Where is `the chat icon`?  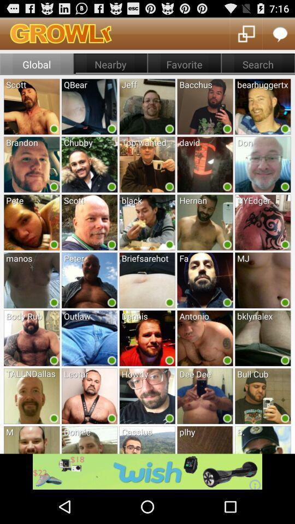 the chat icon is located at coordinates (279, 35).